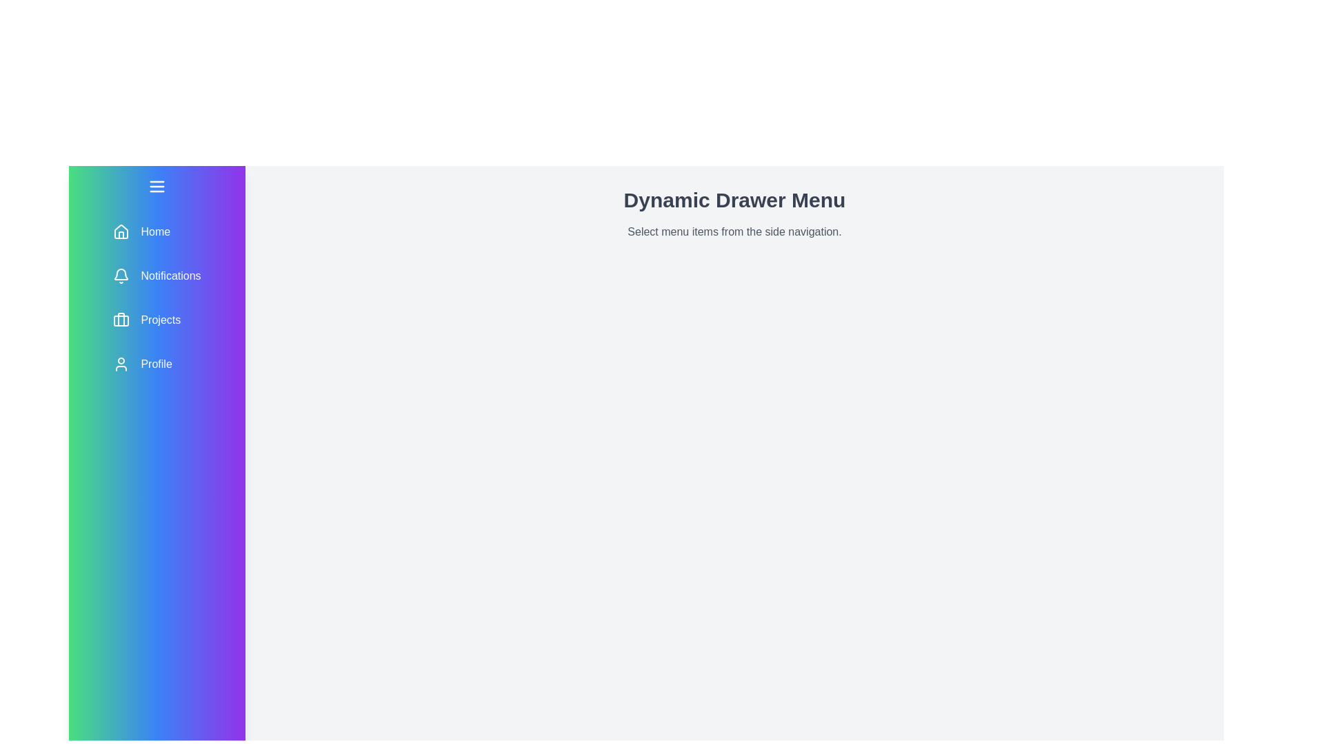 The height and width of the screenshot is (744, 1324). What do you see at coordinates (157, 320) in the screenshot?
I see `the menu item Projects from the drawer menu` at bounding box center [157, 320].